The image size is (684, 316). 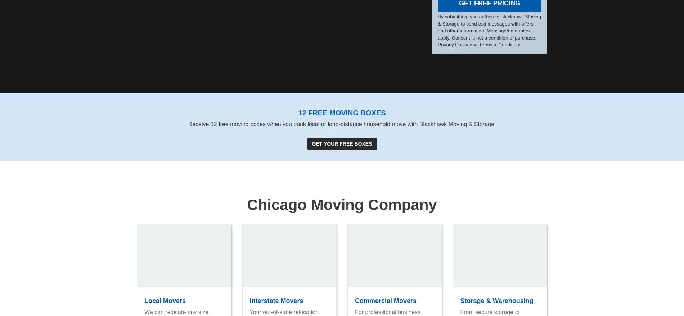 What do you see at coordinates (473, 44) in the screenshot?
I see `'and'` at bounding box center [473, 44].